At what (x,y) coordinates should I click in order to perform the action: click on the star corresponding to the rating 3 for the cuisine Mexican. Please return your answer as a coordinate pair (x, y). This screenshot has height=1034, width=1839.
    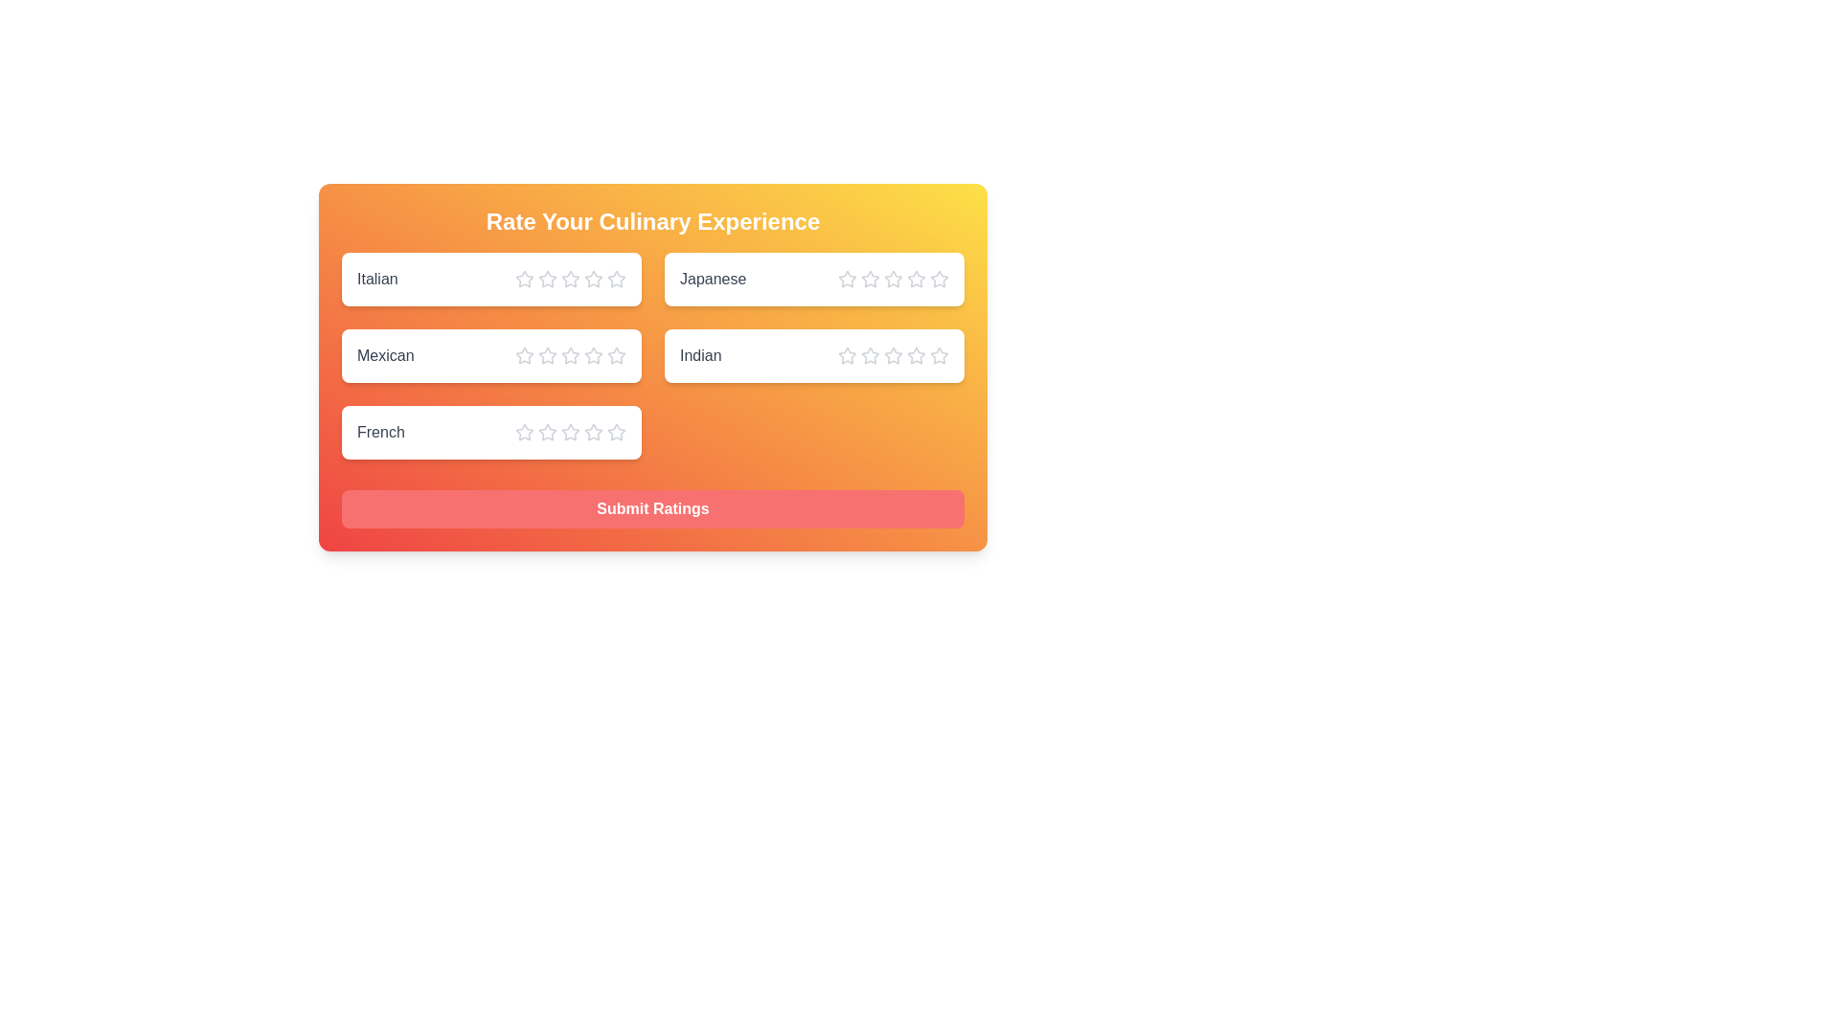
    Looking at the image, I should click on (569, 355).